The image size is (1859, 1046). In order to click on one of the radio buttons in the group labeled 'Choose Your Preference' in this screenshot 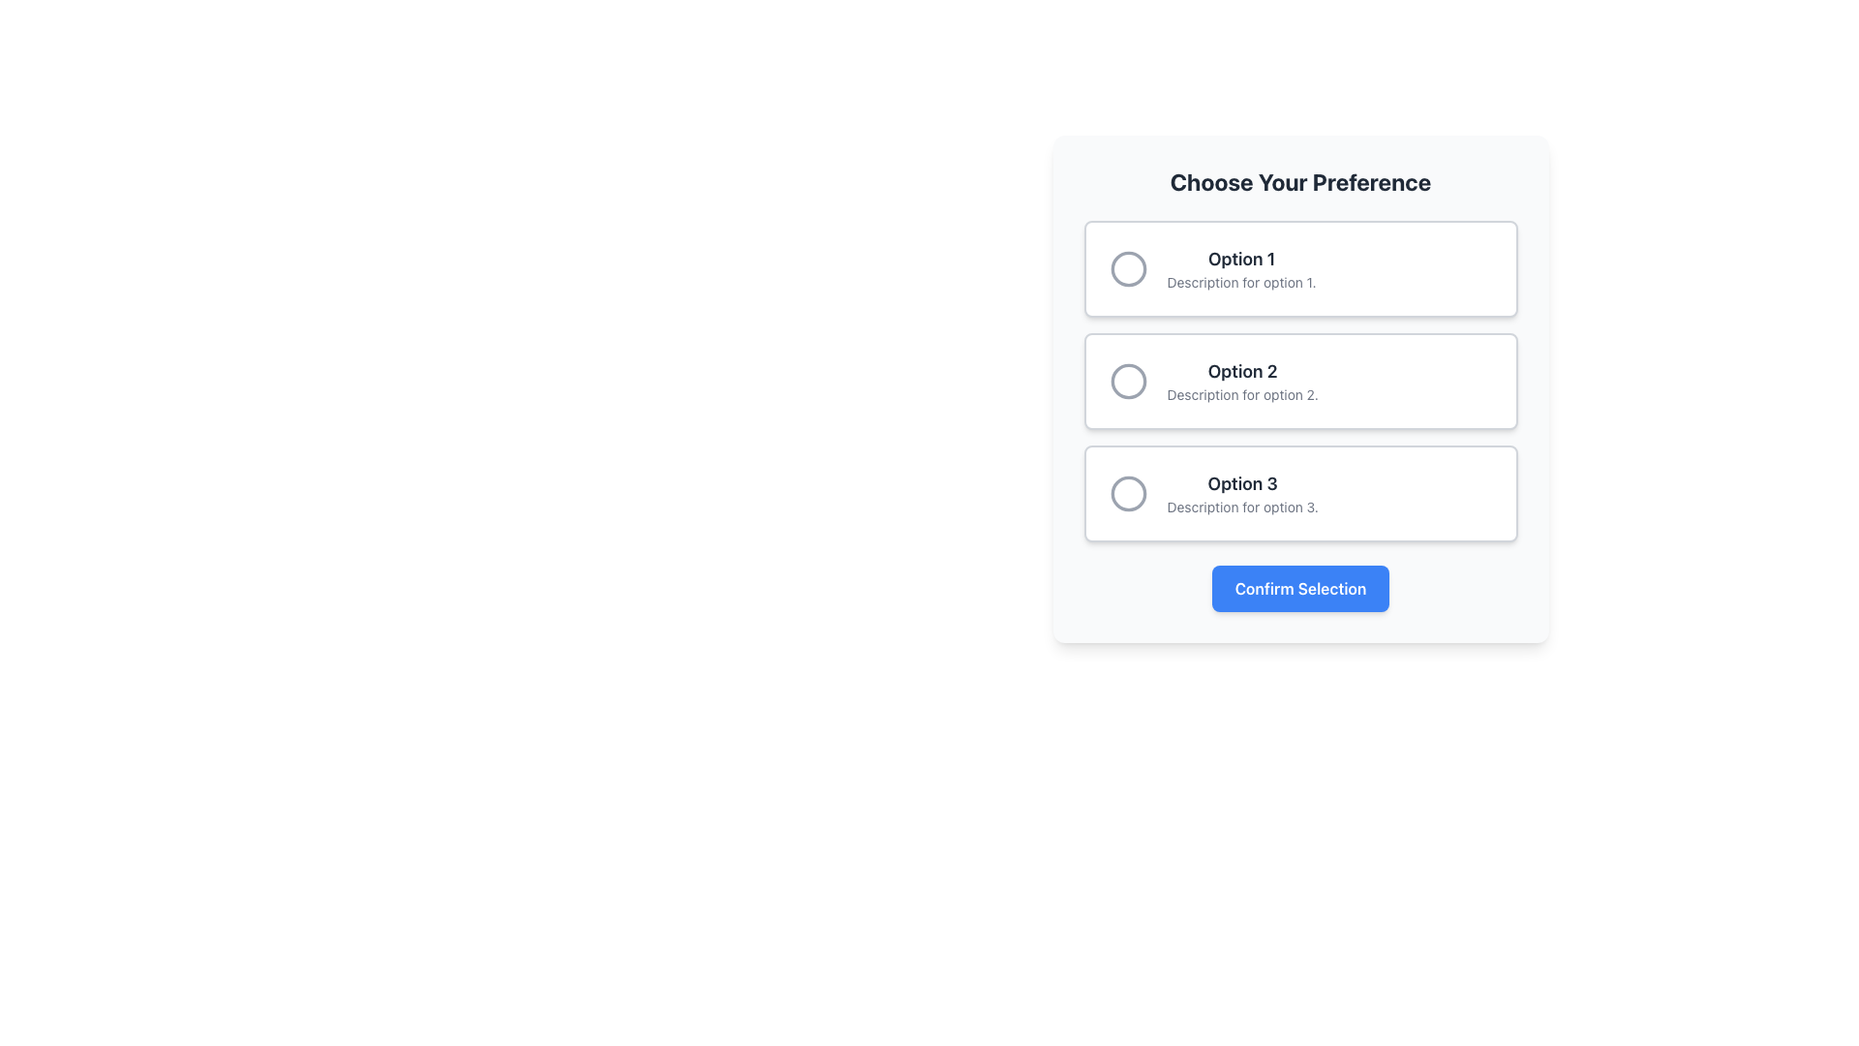, I will do `click(1300, 381)`.